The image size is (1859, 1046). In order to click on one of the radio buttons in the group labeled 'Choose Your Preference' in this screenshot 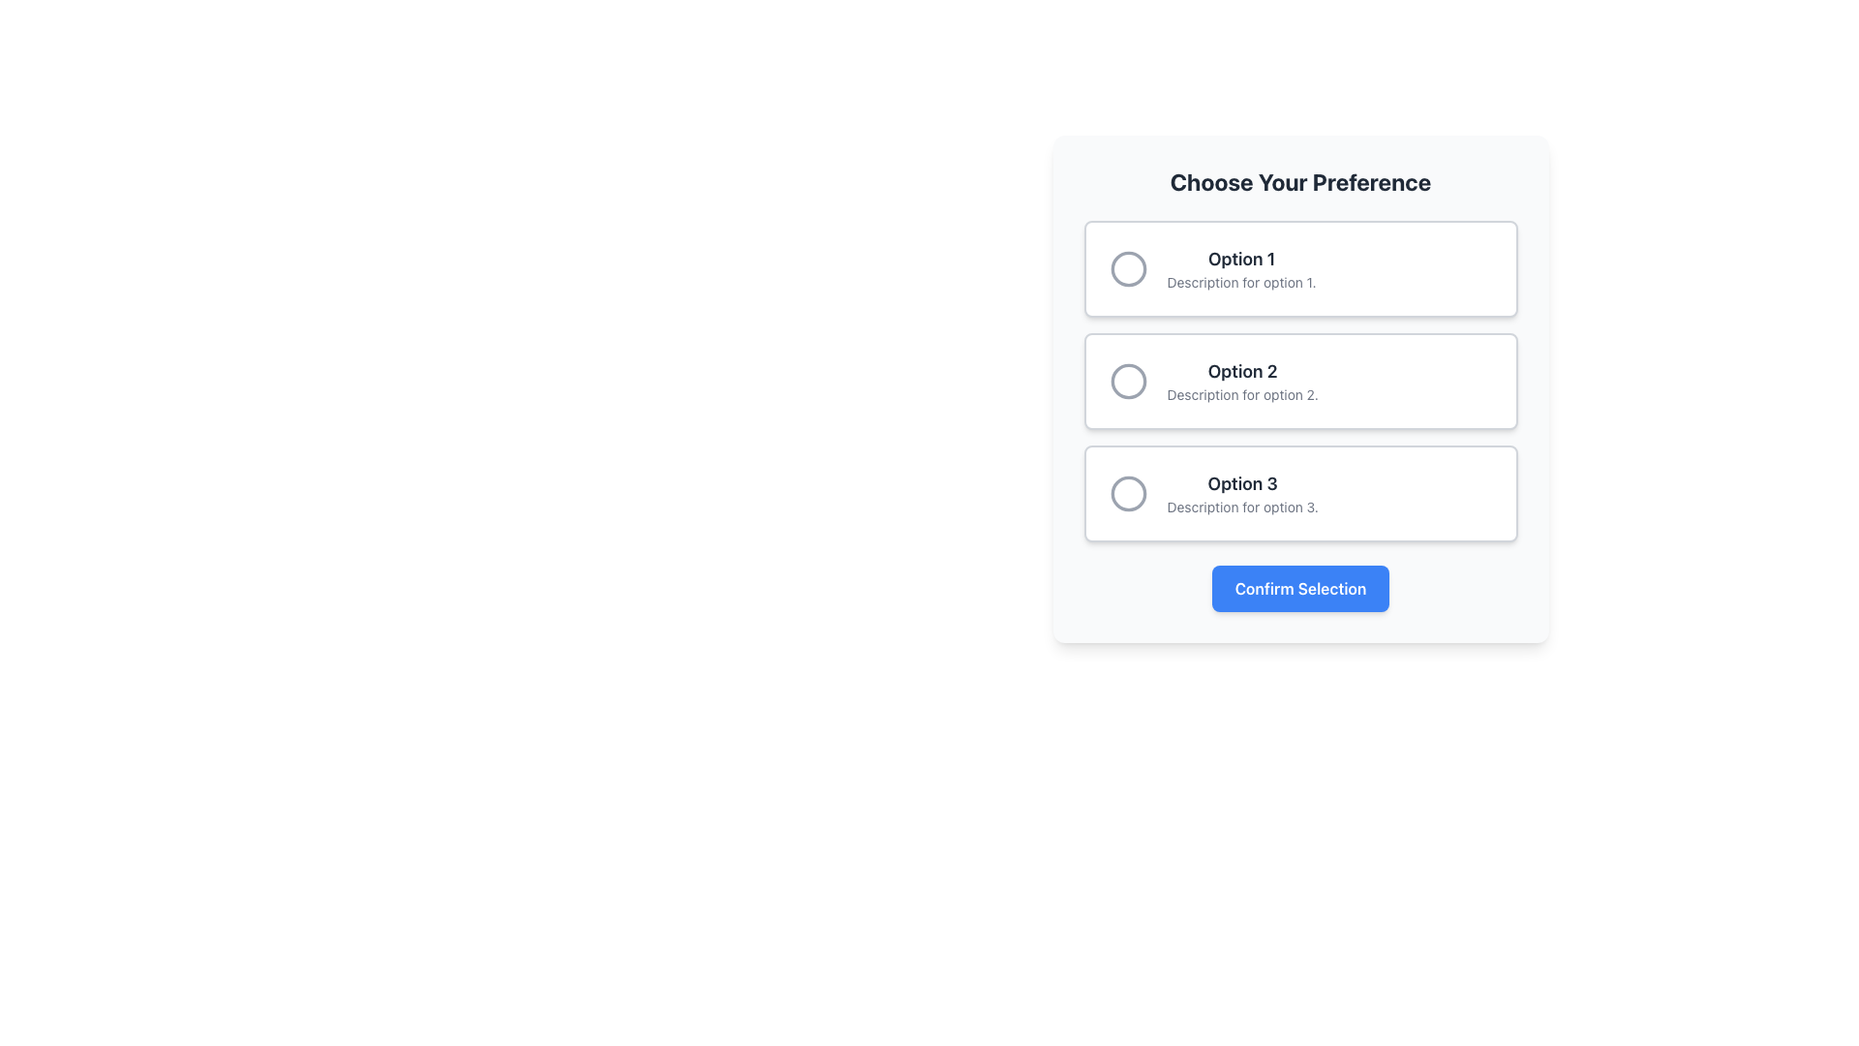, I will do `click(1300, 381)`.